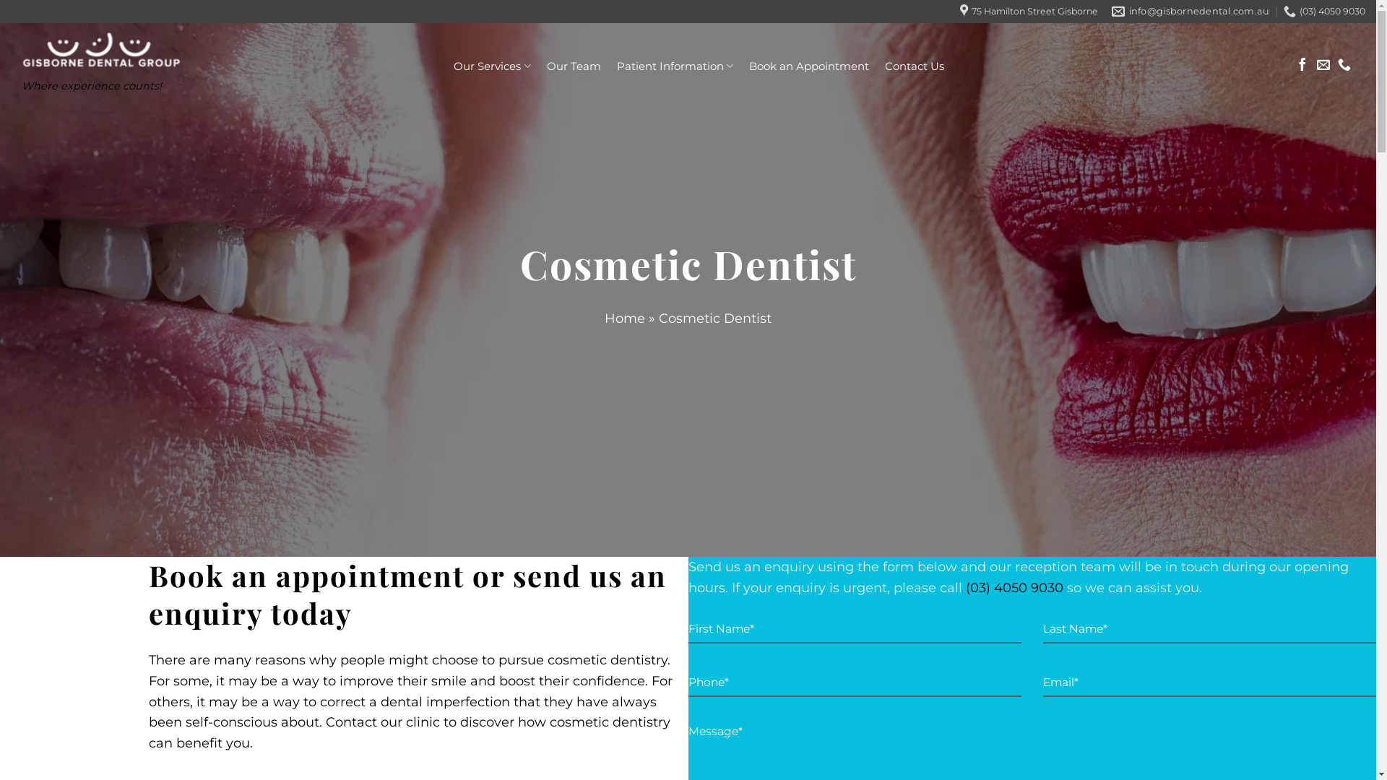 This screenshot has height=780, width=1387. What do you see at coordinates (1190, 11) in the screenshot?
I see `'info@gisbornedental.com.au'` at bounding box center [1190, 11].